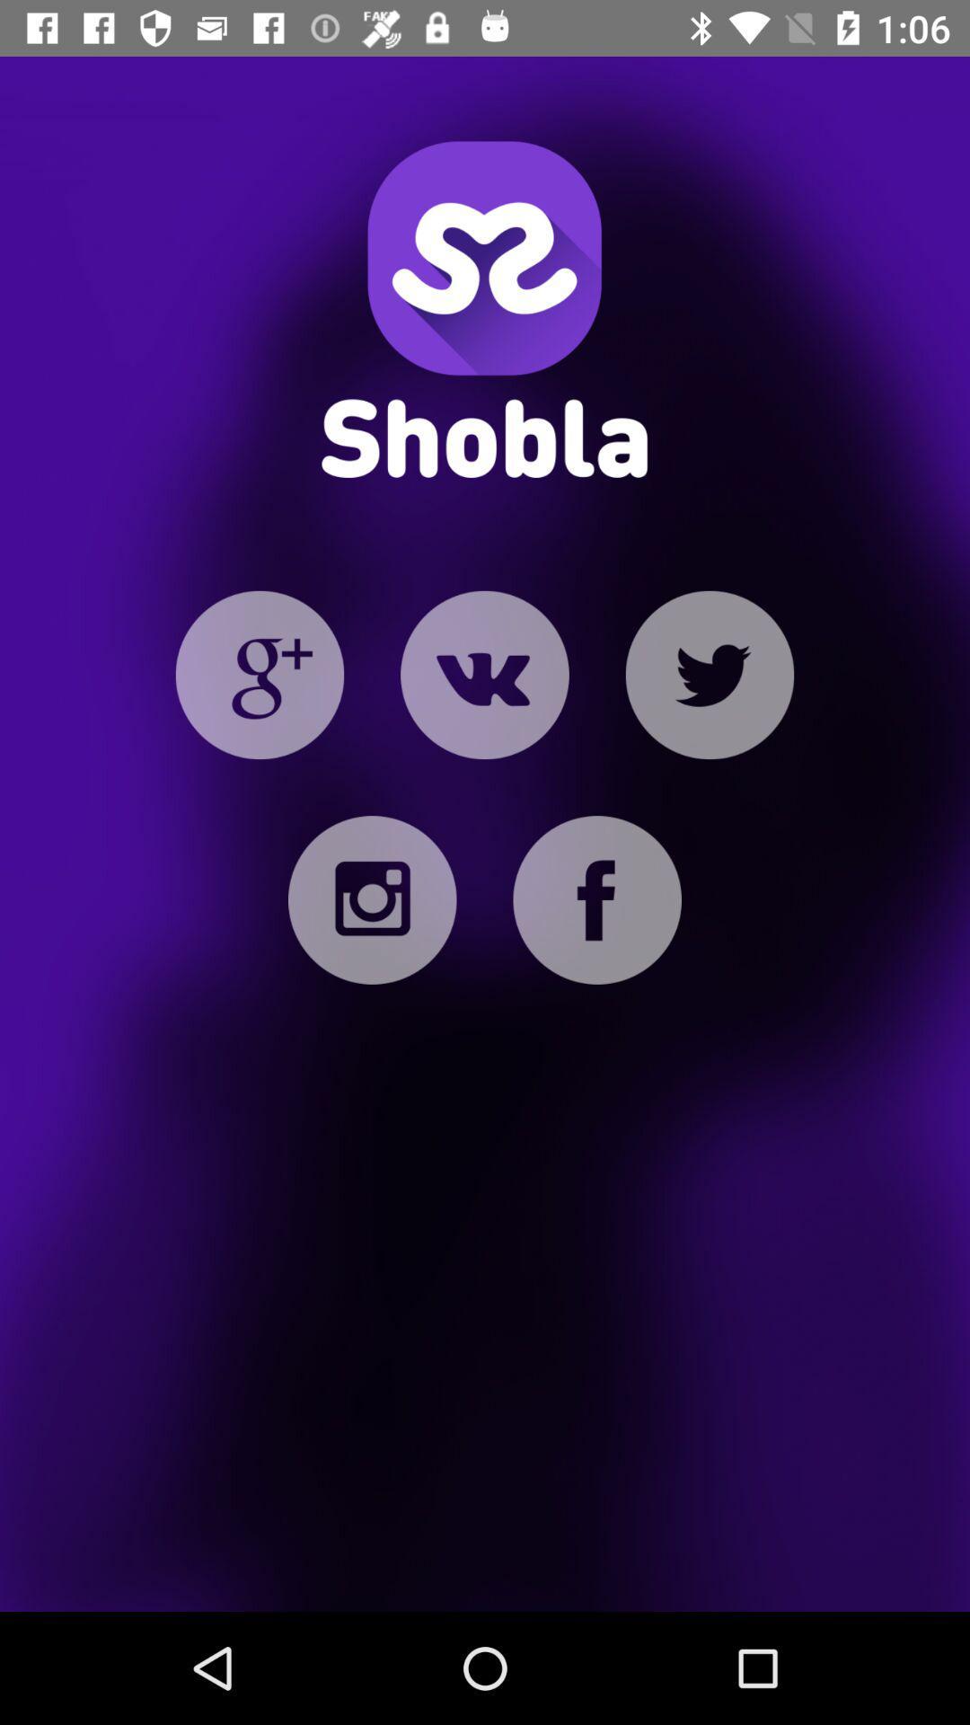 The height and width of the screenshot is (1725, 970). What do you see at coordinates (709, 674) in the screenshot?
I see `the twitter option` at bounding box center [709, 674].